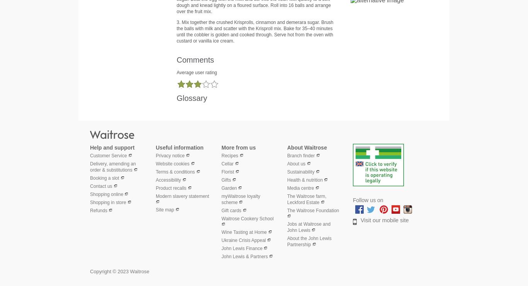 Image resolution: width=528 pixels, height=286 pixels. I want to click on 'Terms & conditions', so click(175, 171).